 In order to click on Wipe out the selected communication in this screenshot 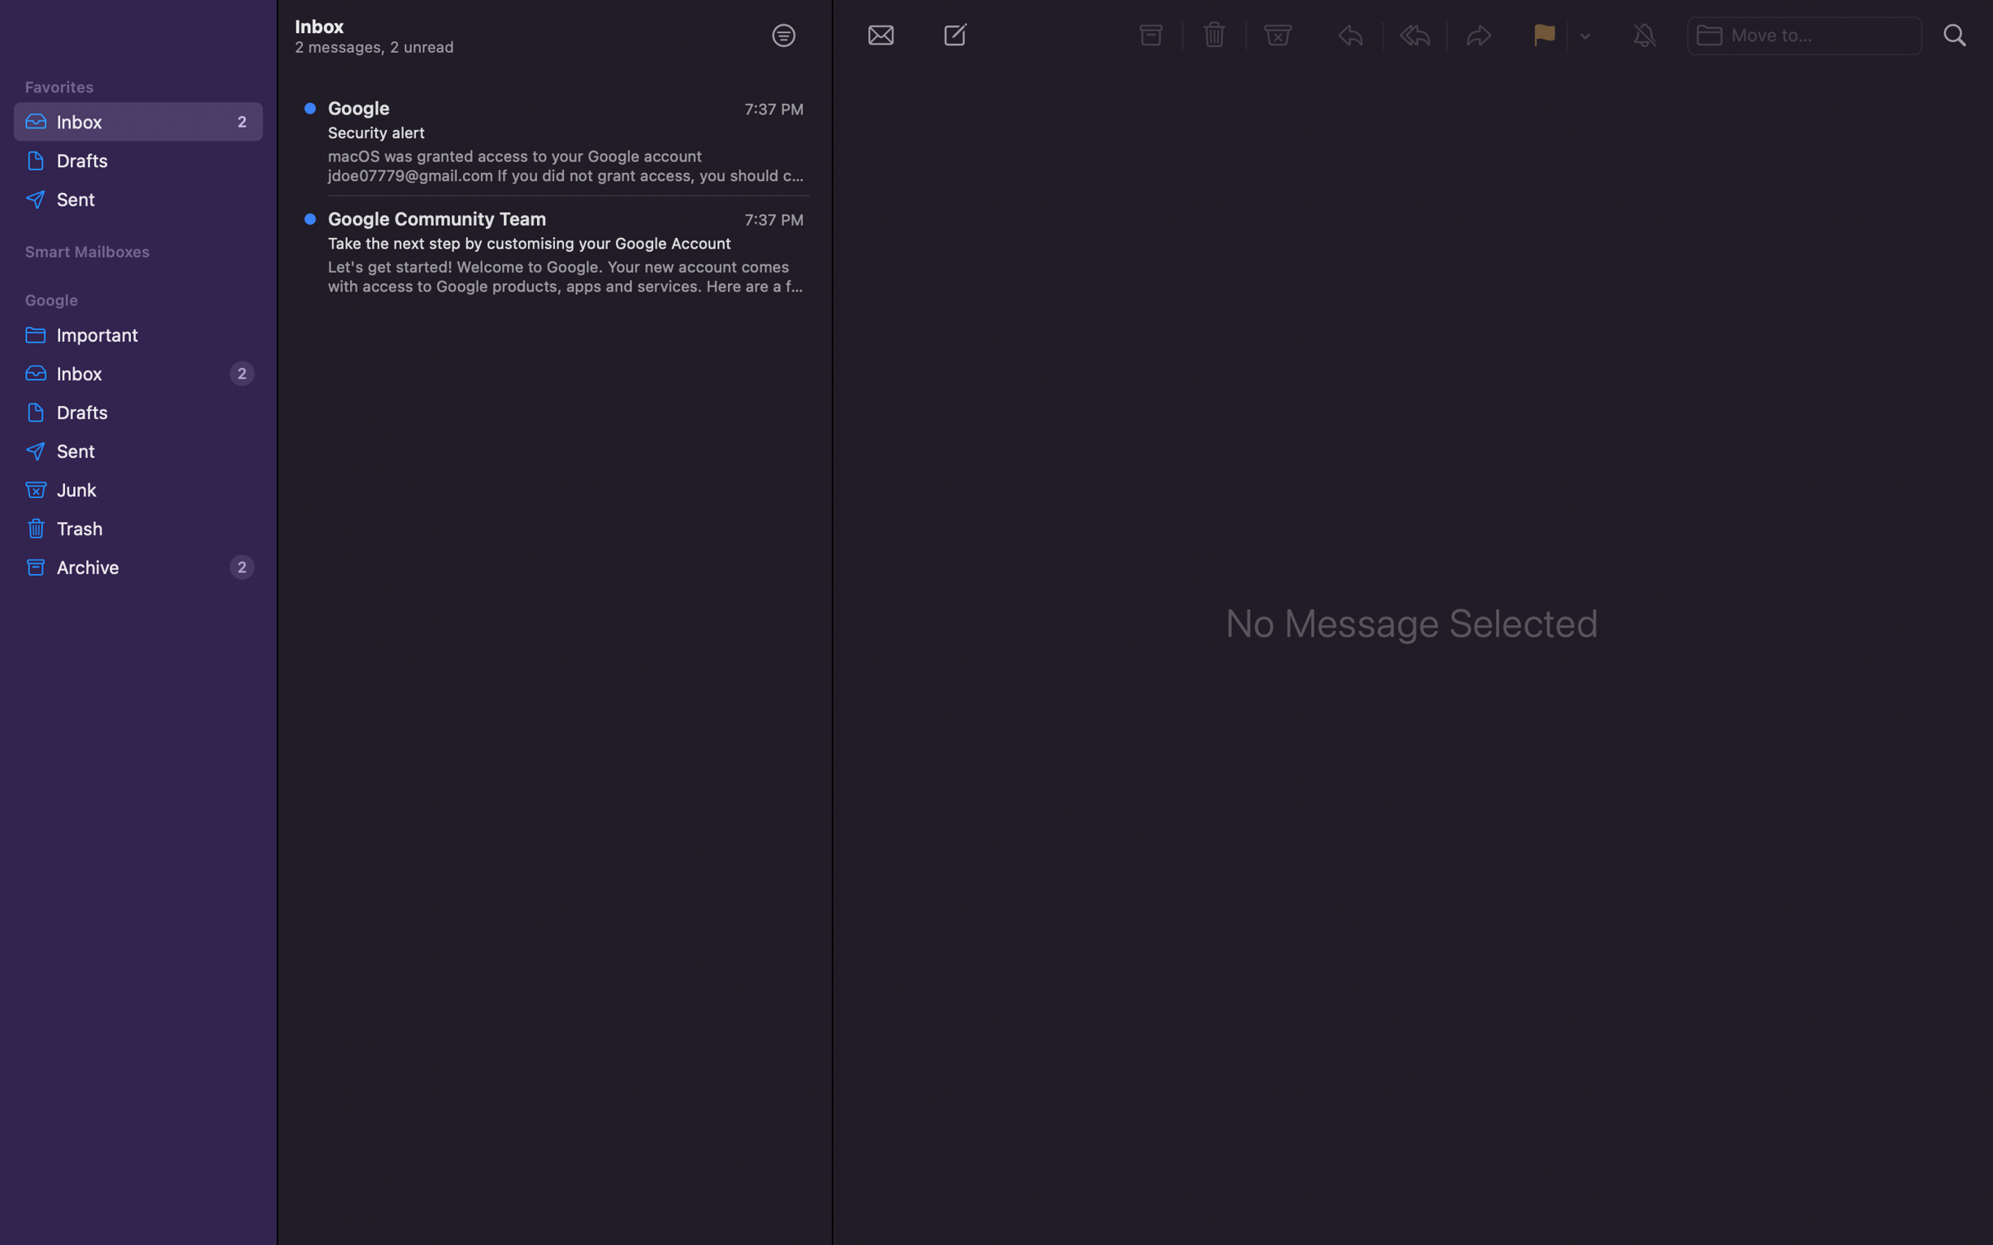, I will do `click(1216, 34)`.